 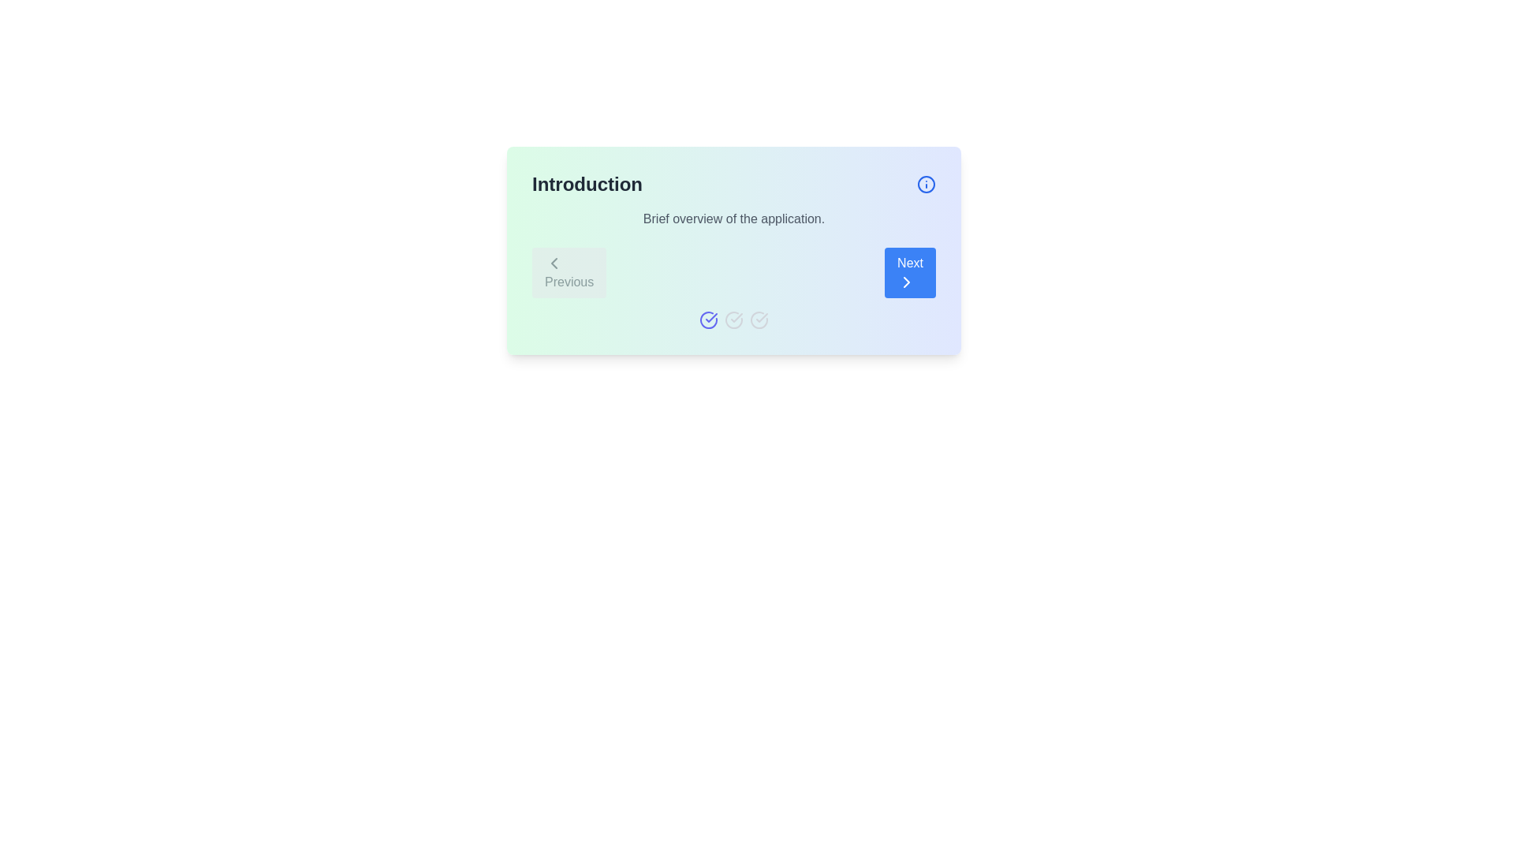 What do you see at coordinates (554, 263) in the screenshot?
I see `the left-pointing chevron icon within the 'Previous' button` at bounding box center [554, 263].